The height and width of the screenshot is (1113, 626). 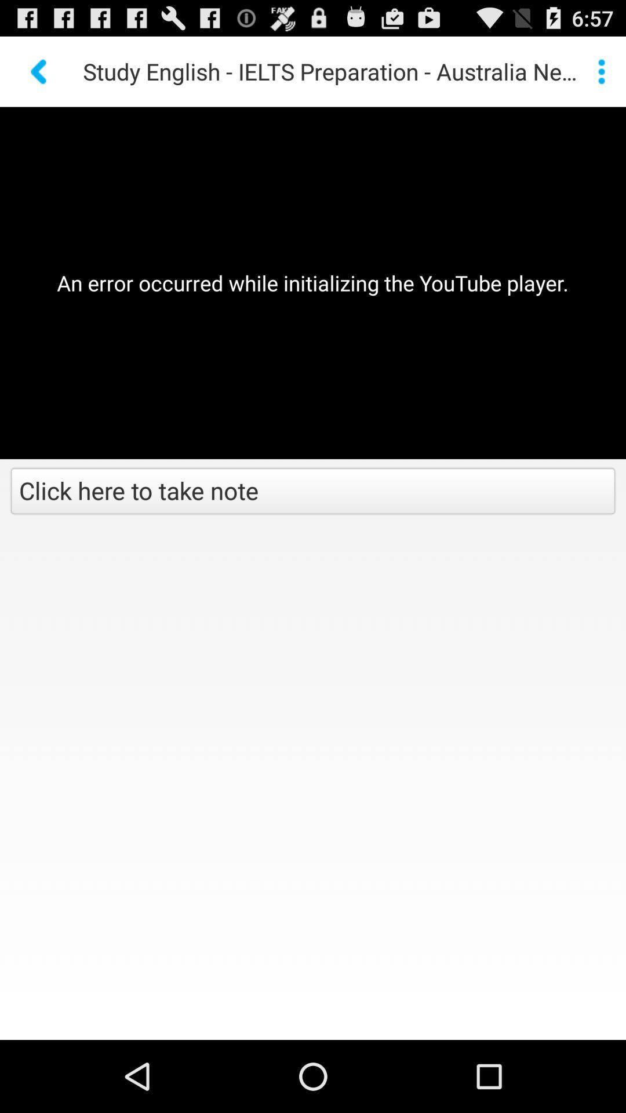 What do you see at coordinates (600, 71) in the screenshot?
I see `the icon above an error occurred item` at bounding box center [600, 71].